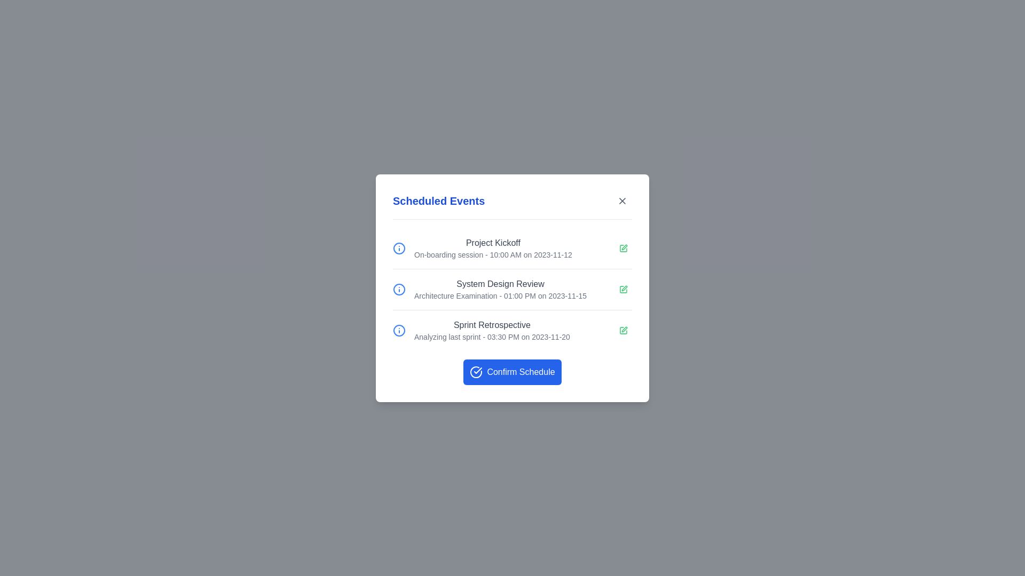 The image size is (1025, 576). What do you see at coordinates (512, 371) in the screenshot?
I see `the interactive element Confirm Schedule Button to observe its hover effect` at bounding box center [512, 371].